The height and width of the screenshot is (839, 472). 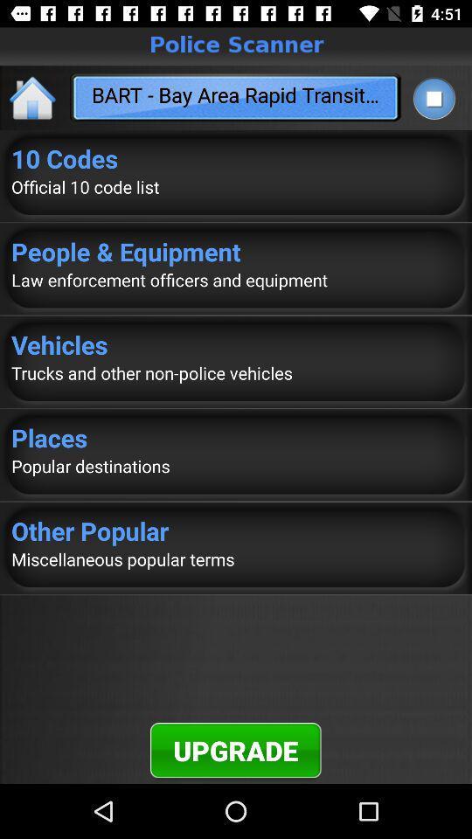 What do you see at coordinates (236, 465) in the screenshot?
I see `item above other popular icon` at bounding box center [236, 465].